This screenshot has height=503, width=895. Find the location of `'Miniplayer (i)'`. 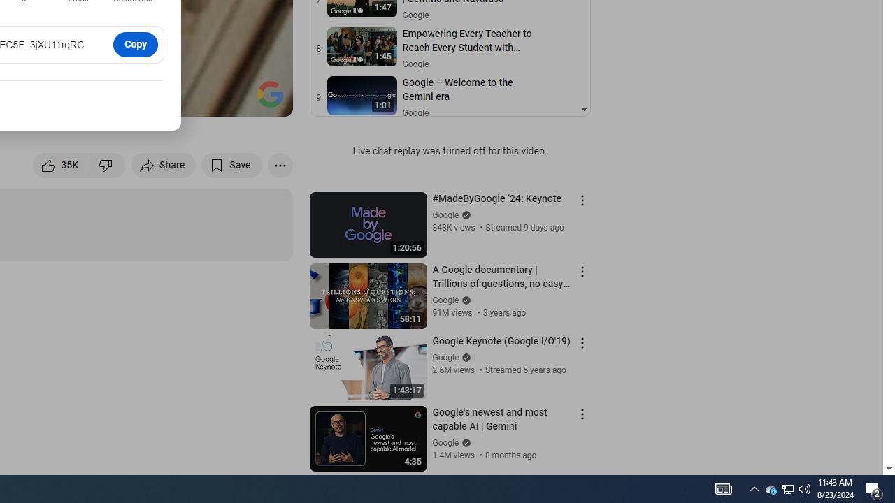

'Miniplayer (i)' is located at coordinates (199, 99).